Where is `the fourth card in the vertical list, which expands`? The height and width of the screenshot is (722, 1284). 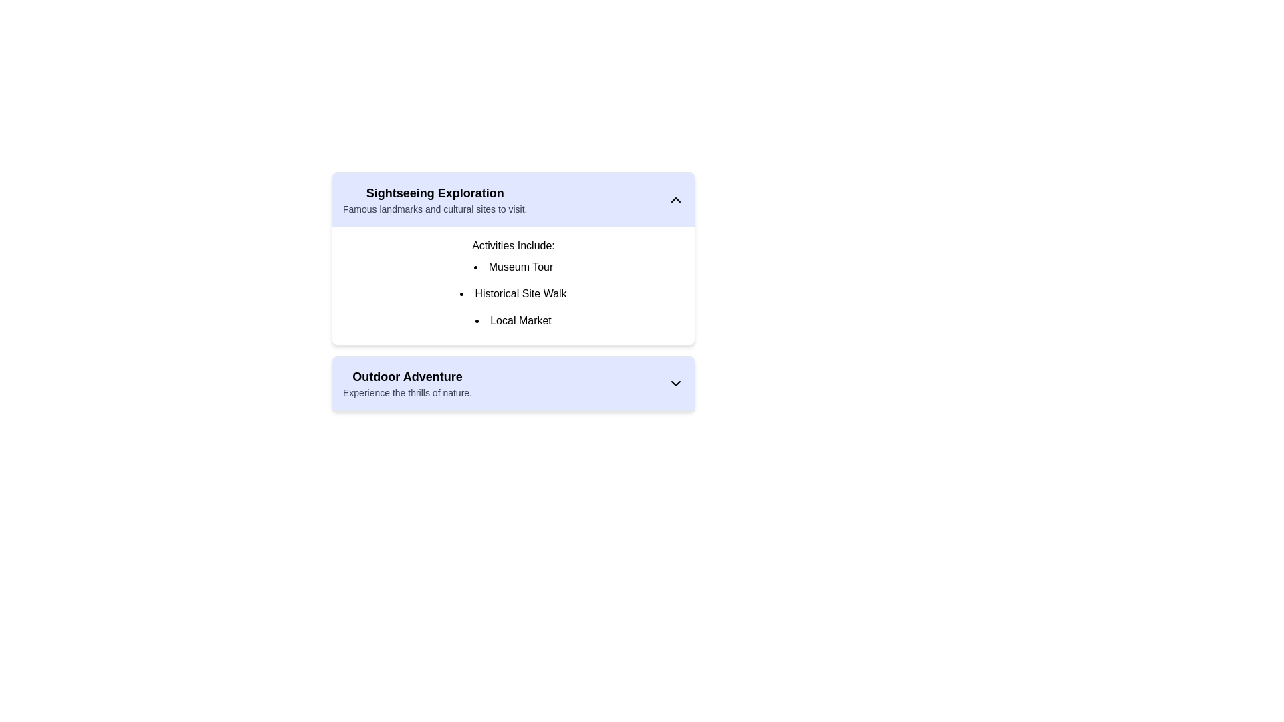
the fourth card in the vertical list, which expands is located at coordinates (513, 384).